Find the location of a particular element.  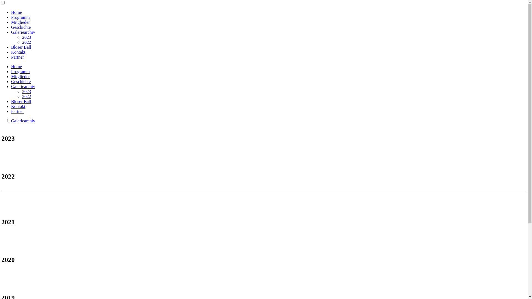

'2022' is located at coordinates (26, 42).